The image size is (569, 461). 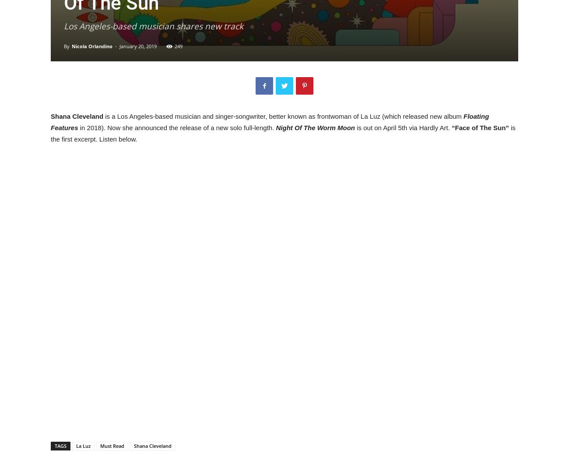 What do you see at coordinates (63, 46) in the screenshot?
I see `'By'` at bounding box center [63, 46].